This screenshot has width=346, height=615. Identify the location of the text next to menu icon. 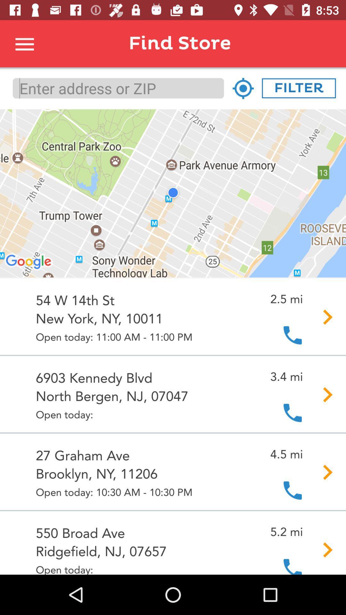
(193, 43).